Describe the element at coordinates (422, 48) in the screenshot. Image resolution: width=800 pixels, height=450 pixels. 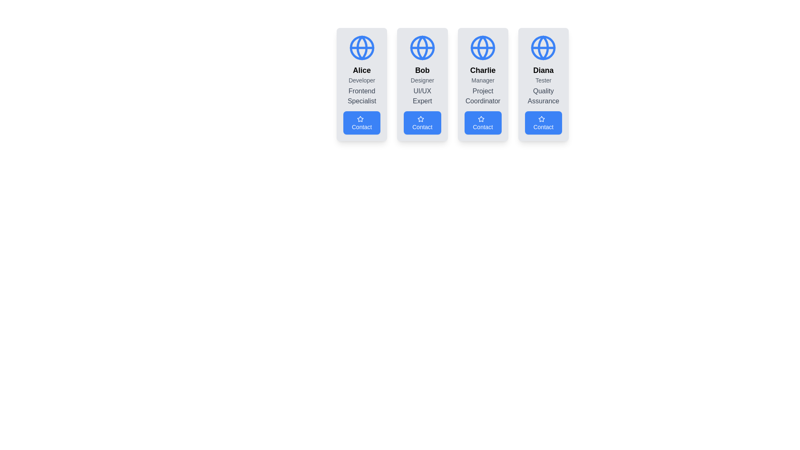
I see `the blue circular globe icon located at the top of Bob's profile card, which is centered in the second column above his name` at that location.